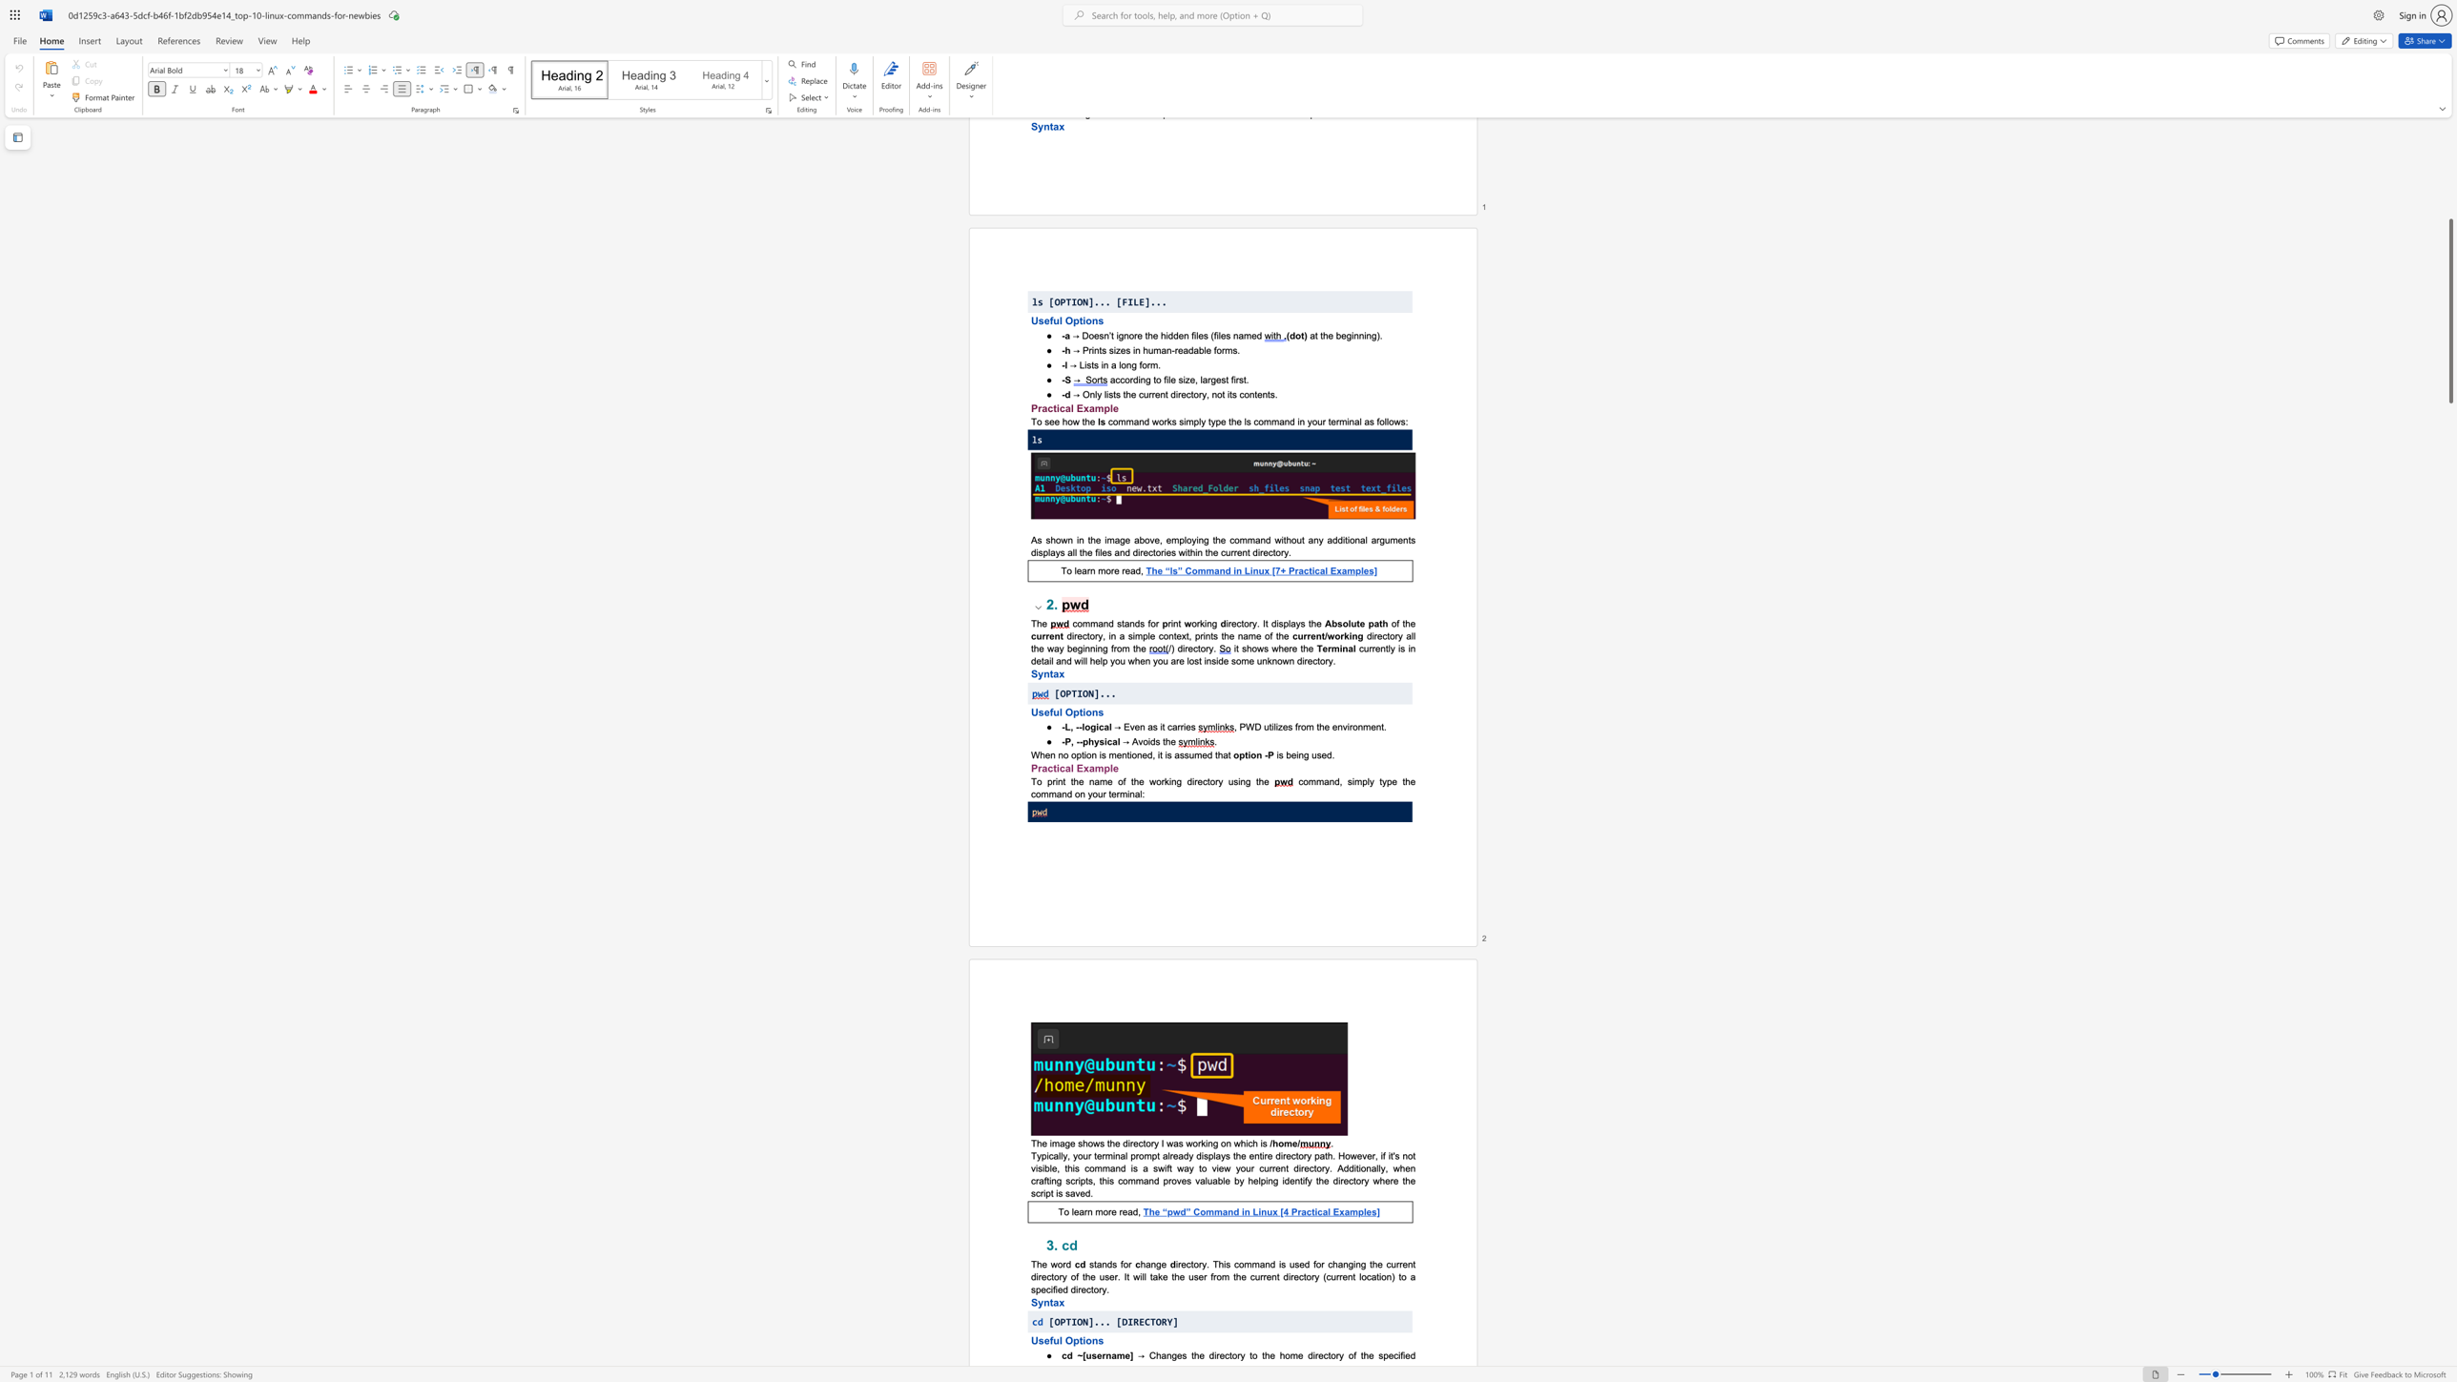 This screenshot has height=1382, width=2457. What do you see at coordinates (1121, 1264) in the screenshot?
I see `the 1th character "f" in the text` at bounding box center [1121, 1264].